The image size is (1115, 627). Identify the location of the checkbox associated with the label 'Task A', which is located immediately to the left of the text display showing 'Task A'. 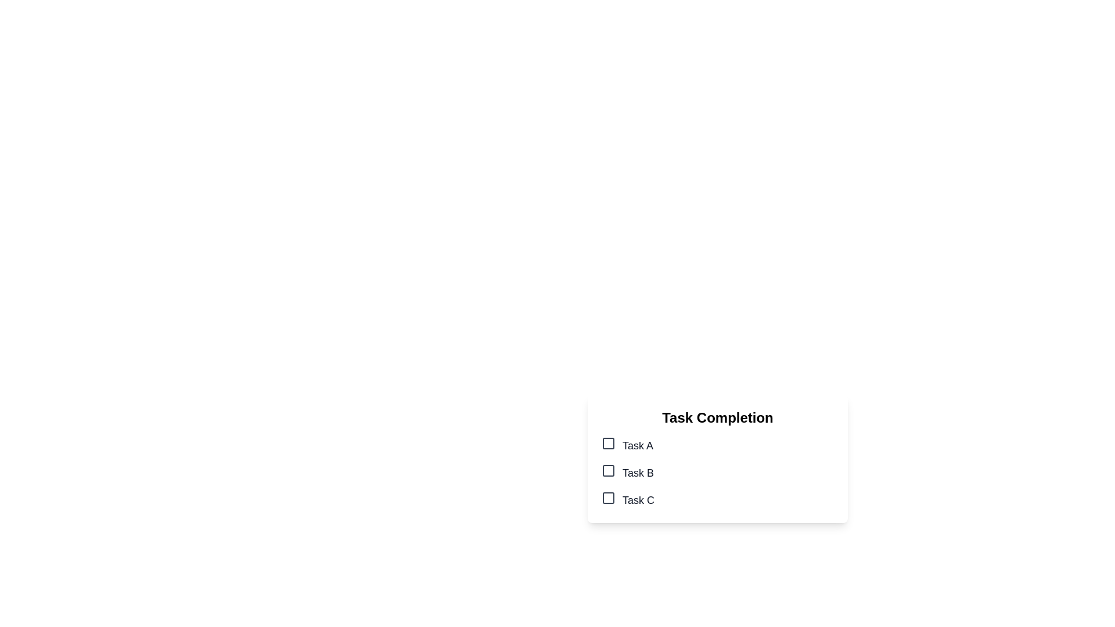
(608, 445).